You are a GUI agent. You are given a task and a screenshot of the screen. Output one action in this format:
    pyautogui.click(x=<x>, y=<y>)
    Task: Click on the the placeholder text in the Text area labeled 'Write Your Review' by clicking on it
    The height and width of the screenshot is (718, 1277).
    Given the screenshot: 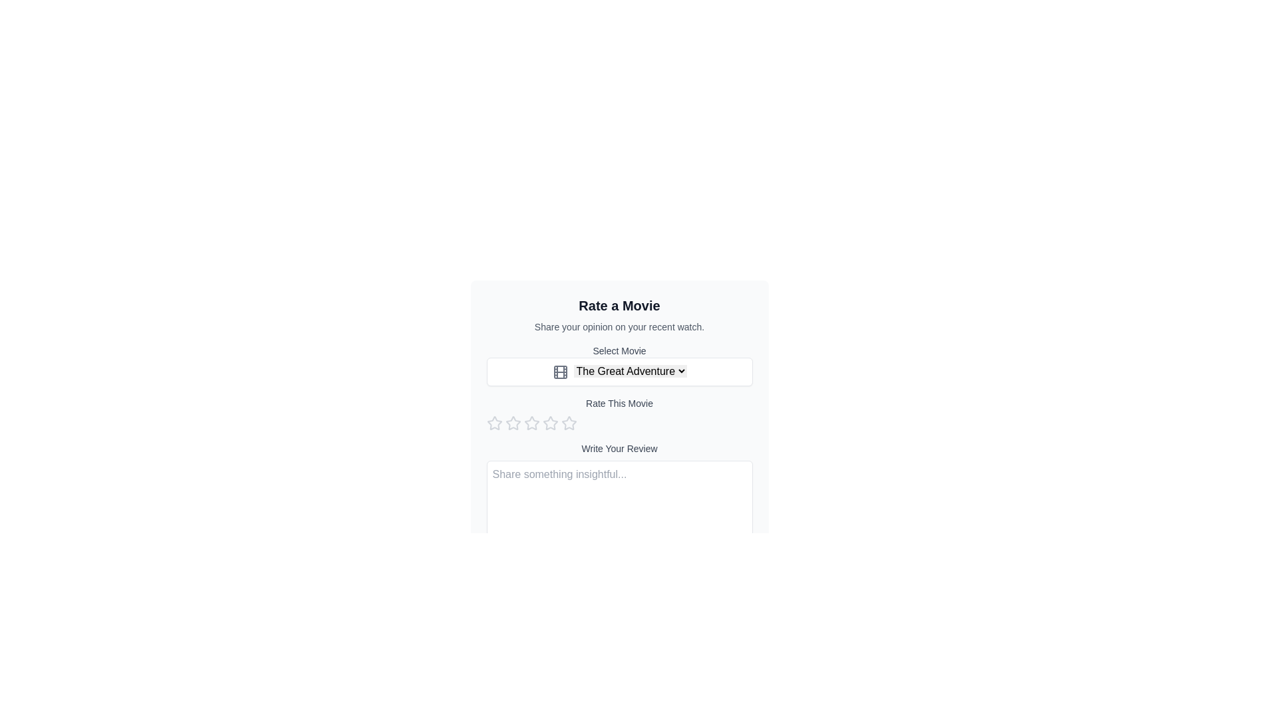 What is the action you would take?
    pyautogui.click(x=619, y=491)
    